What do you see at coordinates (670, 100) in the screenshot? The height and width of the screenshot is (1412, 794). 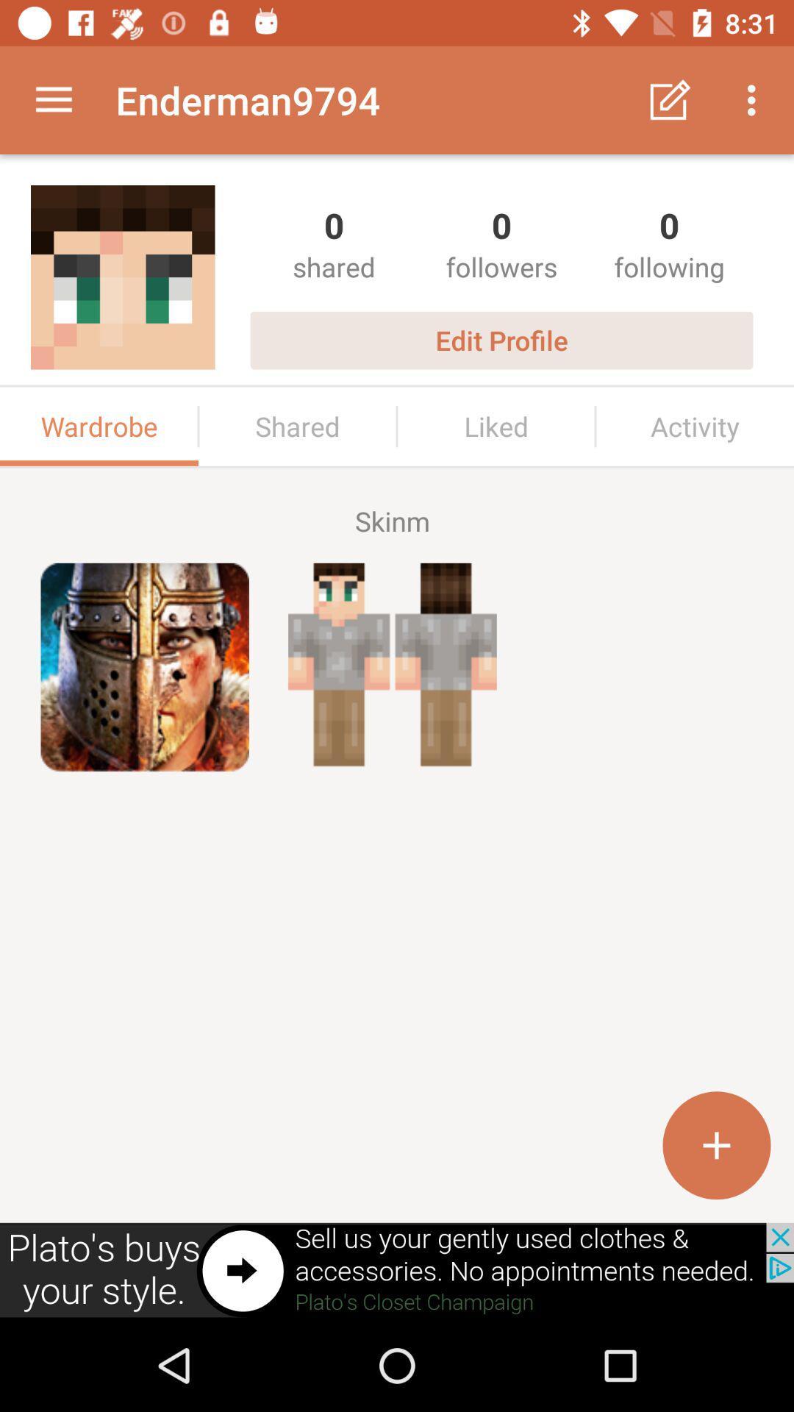 I see `button left to three dots icon` at bounding box center [670, 100].